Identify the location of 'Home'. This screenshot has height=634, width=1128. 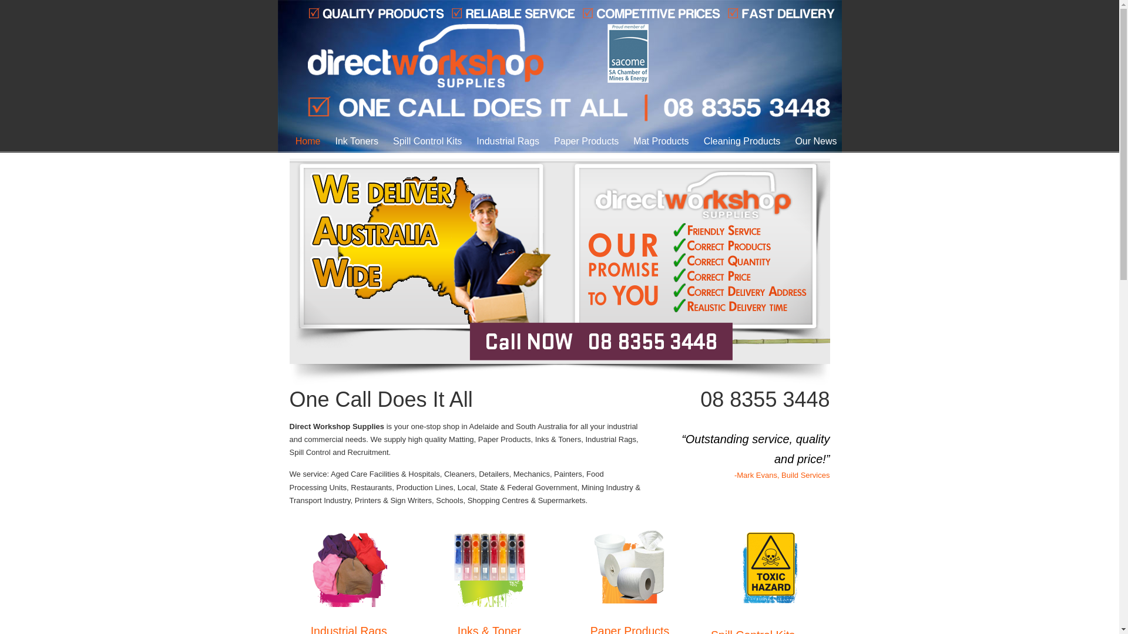
(304, 140).